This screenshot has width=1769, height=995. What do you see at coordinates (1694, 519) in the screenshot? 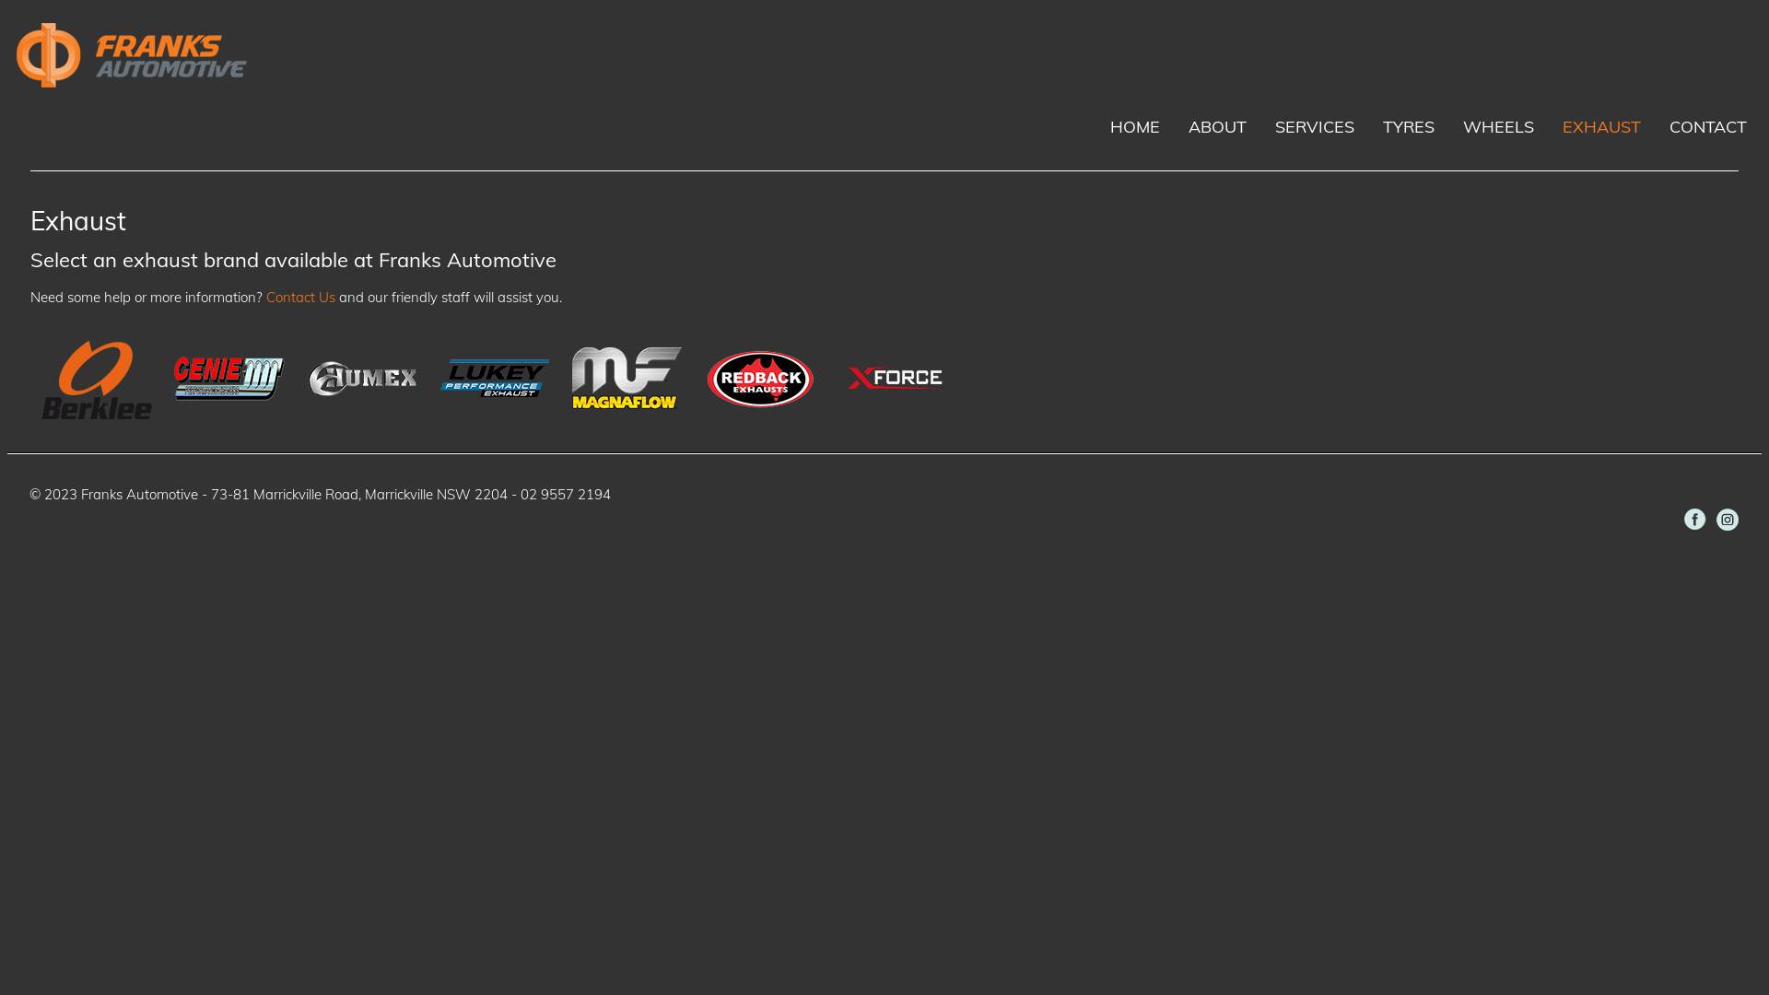
I see `'Facebook'` at bounding box center [1694, 519].